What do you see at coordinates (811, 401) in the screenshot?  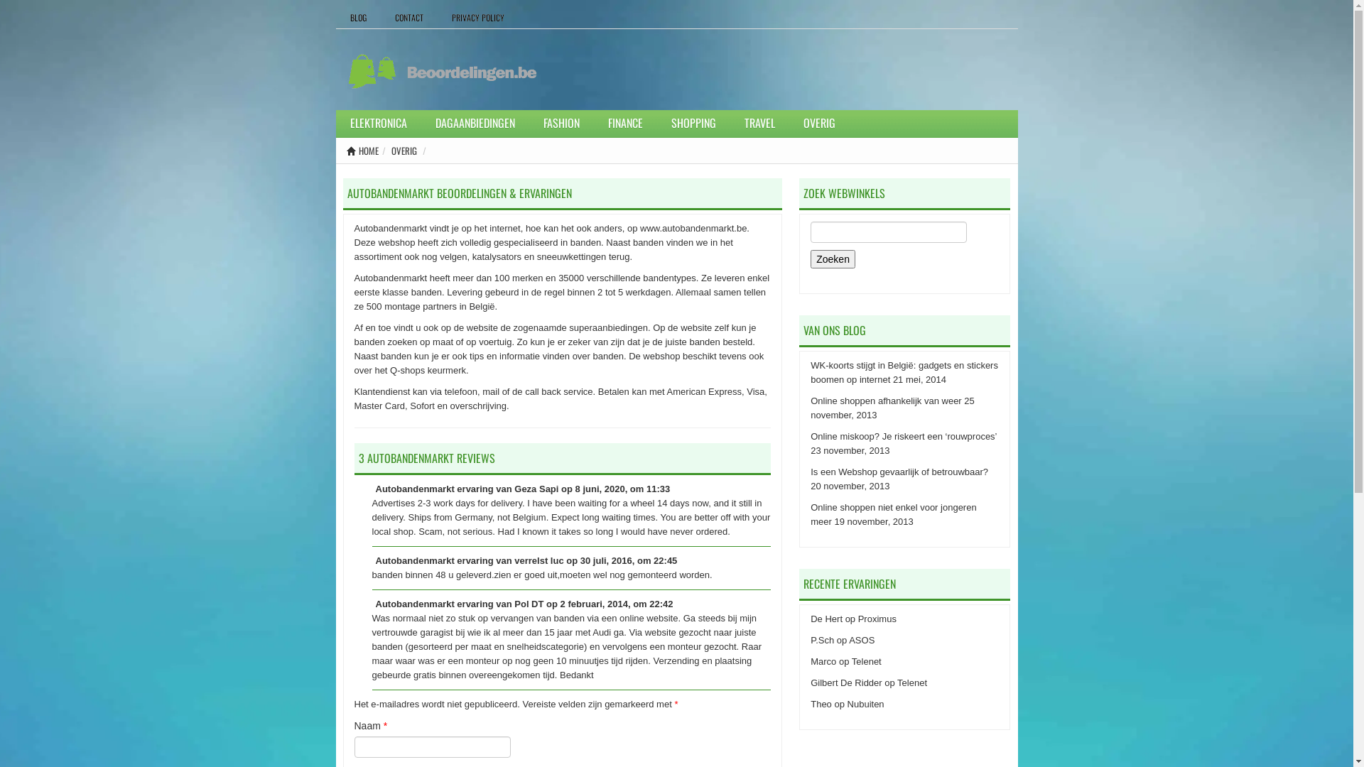 I see `'Online shoppen afhankelijk van weer'` at bounding box center [811, 401].